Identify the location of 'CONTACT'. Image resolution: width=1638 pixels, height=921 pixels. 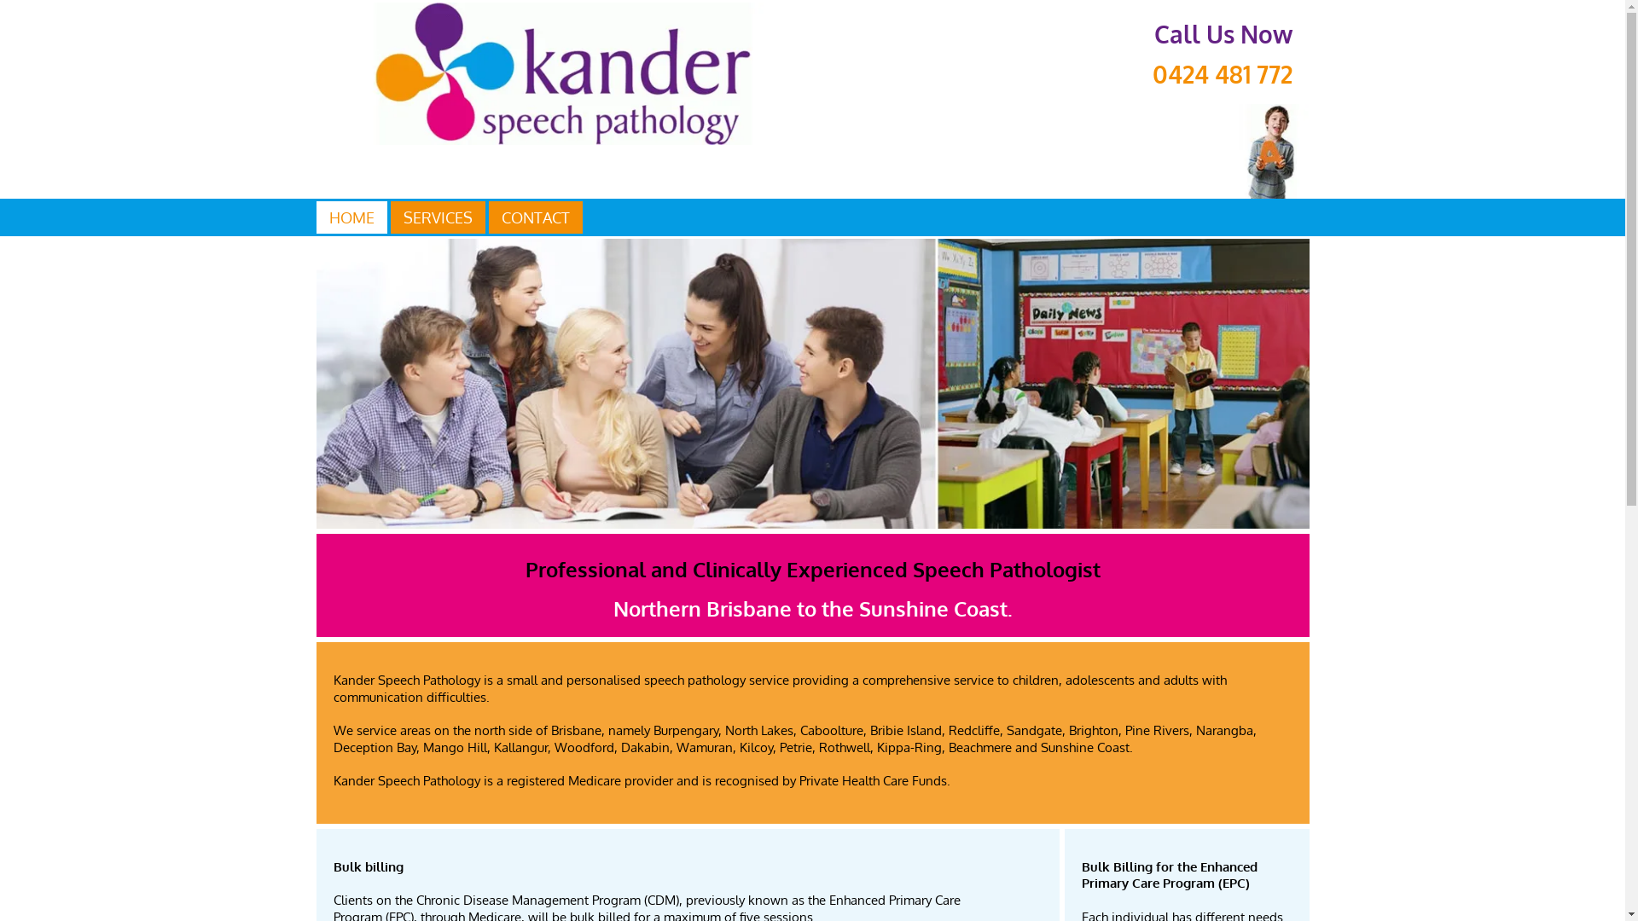
(535, 216).